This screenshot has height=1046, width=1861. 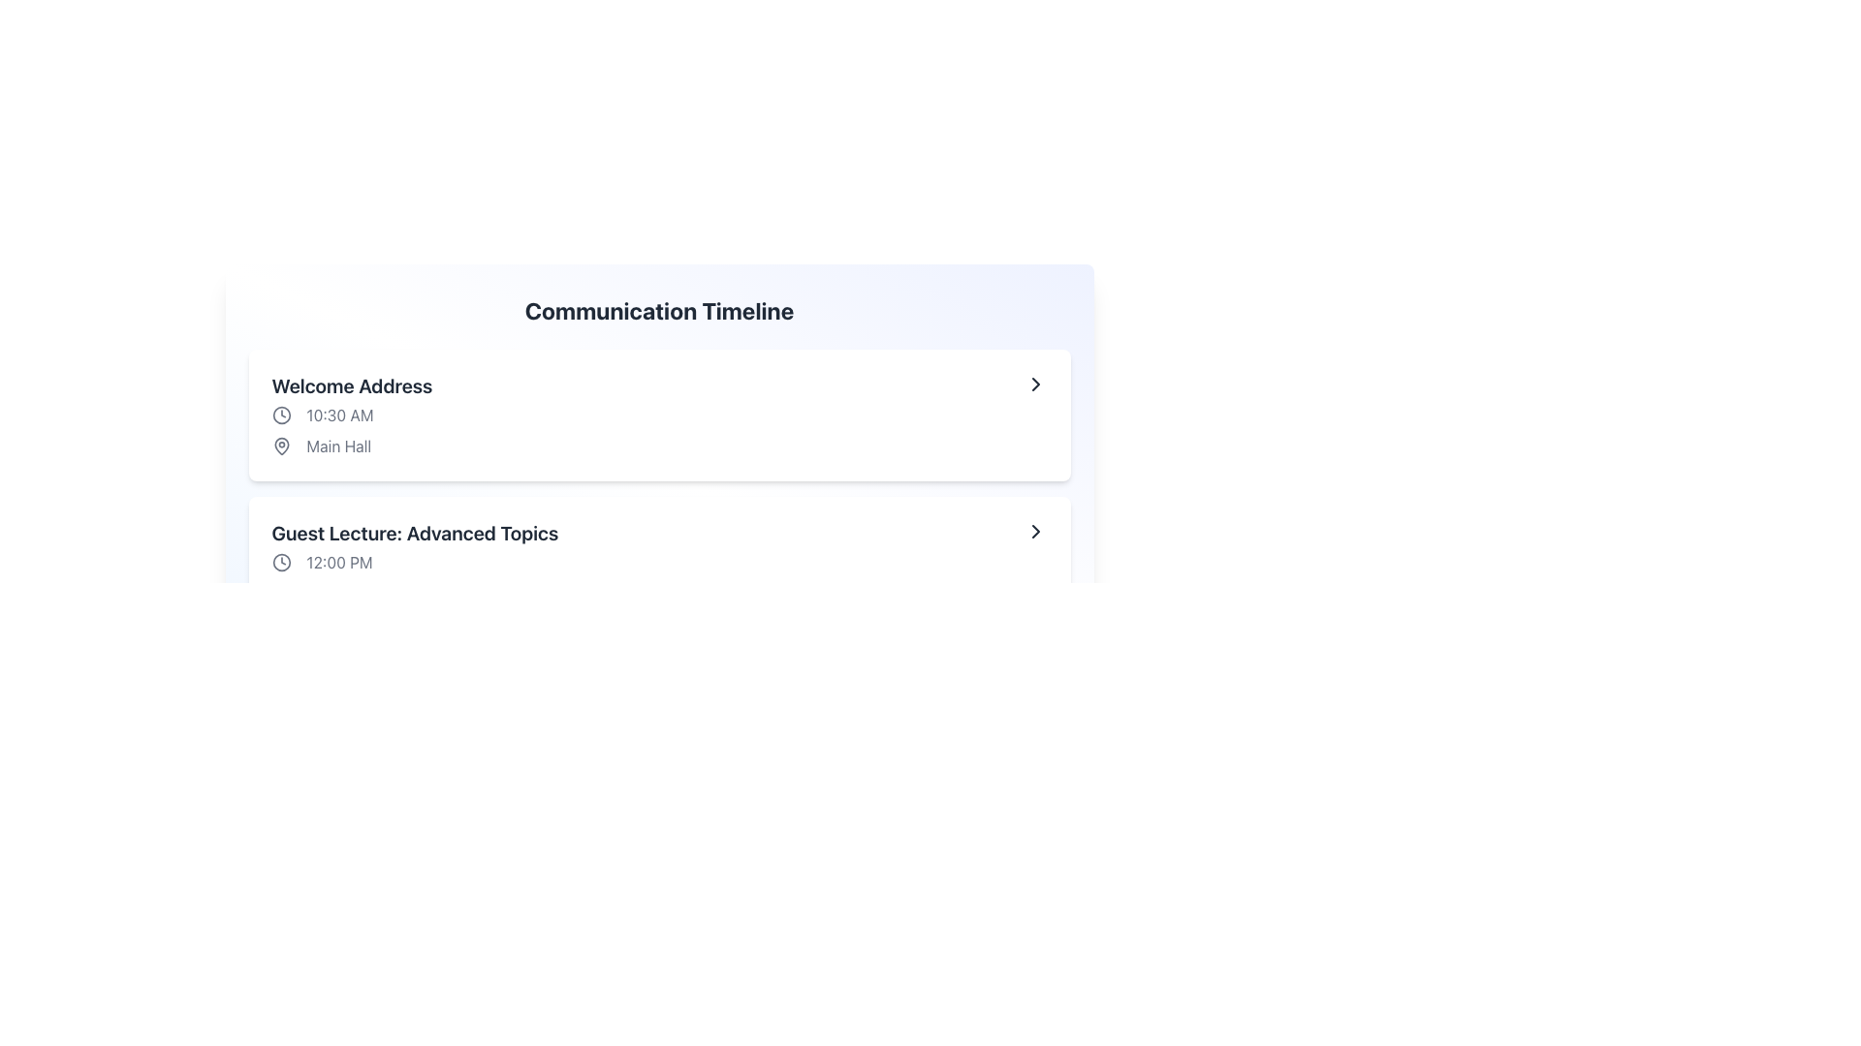 What do you see at coordinates (338, 446) in the screenshot?
I see `the Static Text Label displaying 'Main Hall', which is located in the middle-right area after a location pin icon` at bounding box center [338, 446].